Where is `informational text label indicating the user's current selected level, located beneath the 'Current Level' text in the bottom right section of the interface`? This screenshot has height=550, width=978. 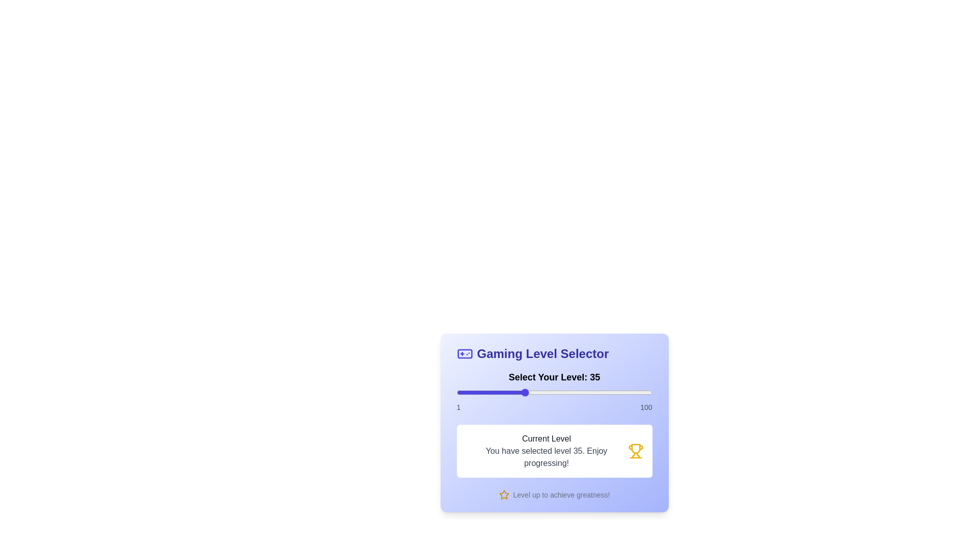
informational text label indicating the user's current selected level, located beneath the 'Current Level' text in the bottom right section of the interface is located at coordinates (546, 457).